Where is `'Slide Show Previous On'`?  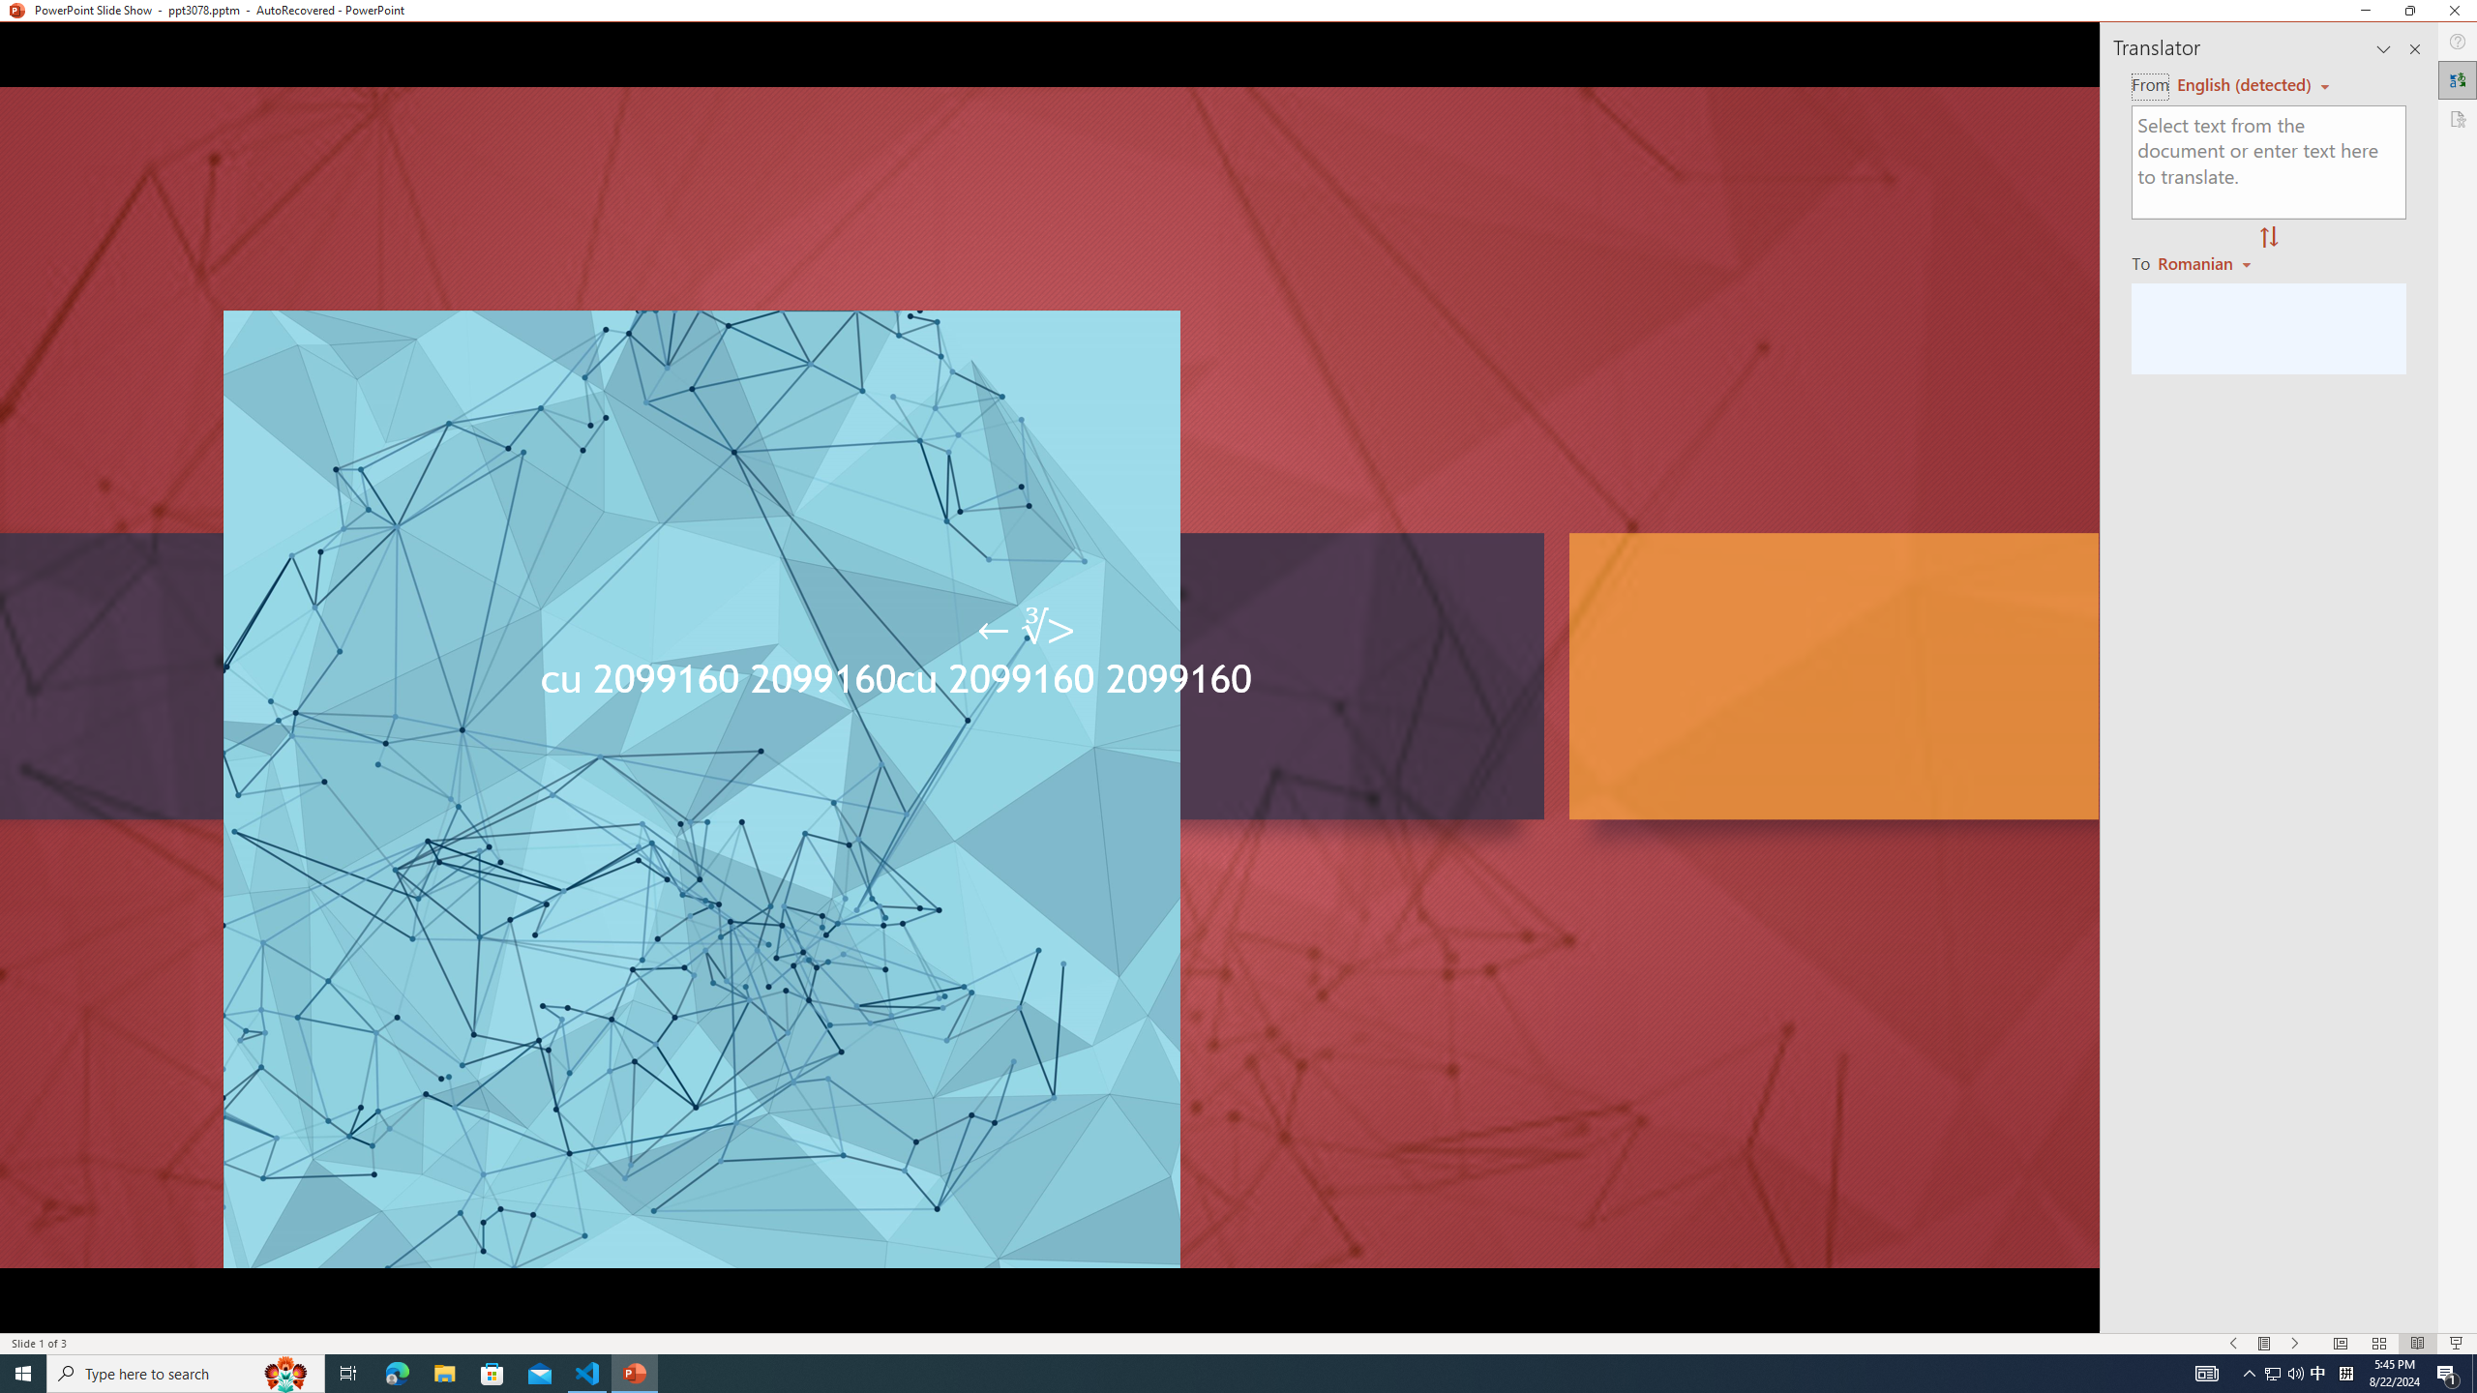
'Slide Show Previous On' is located at coordinates (2233, 1344).